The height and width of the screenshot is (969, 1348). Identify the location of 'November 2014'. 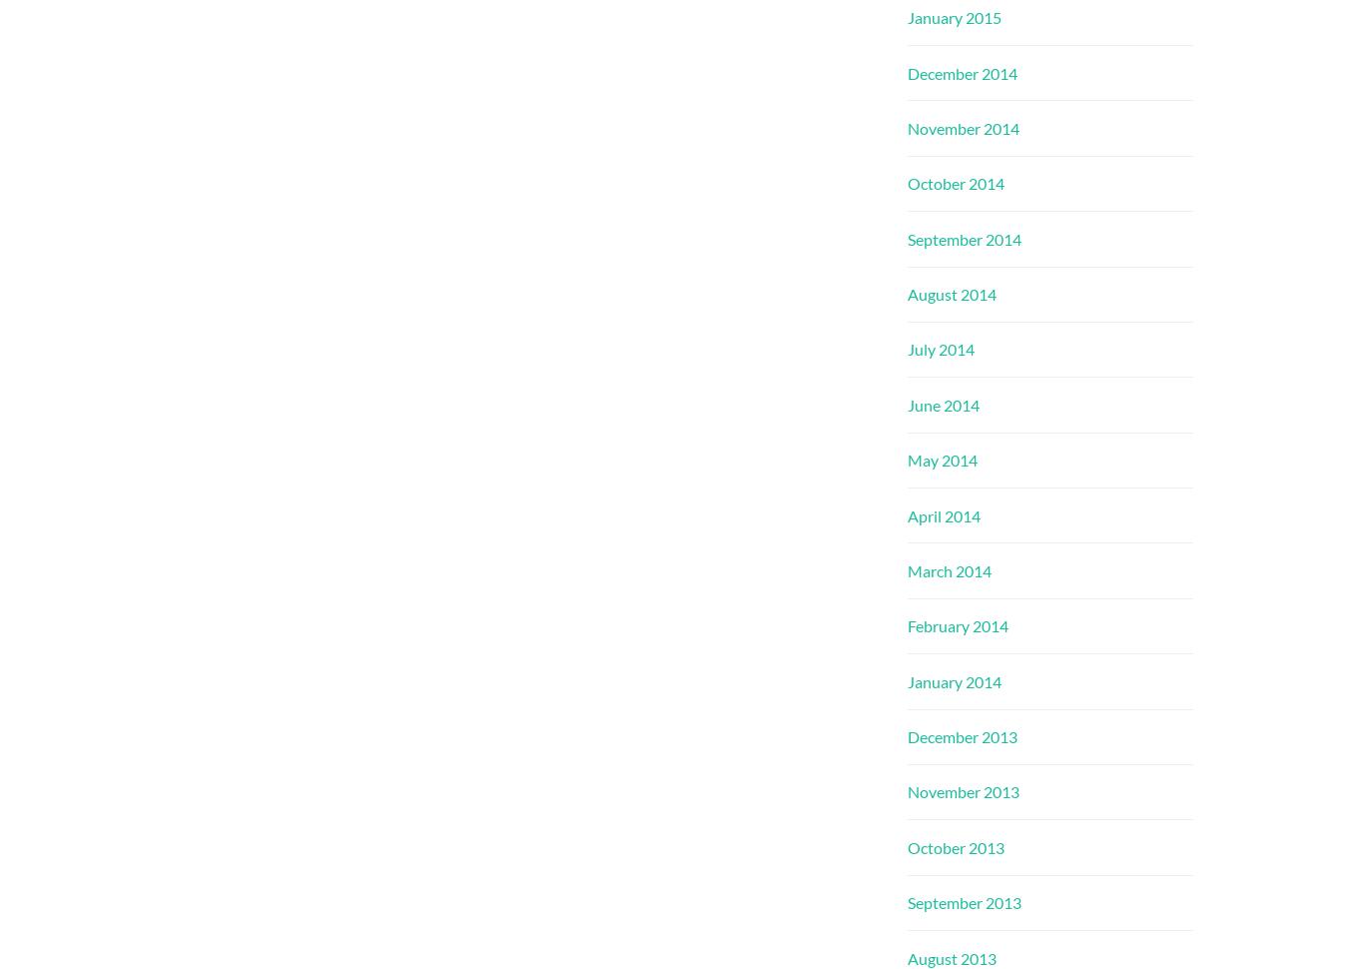
(962, 127).